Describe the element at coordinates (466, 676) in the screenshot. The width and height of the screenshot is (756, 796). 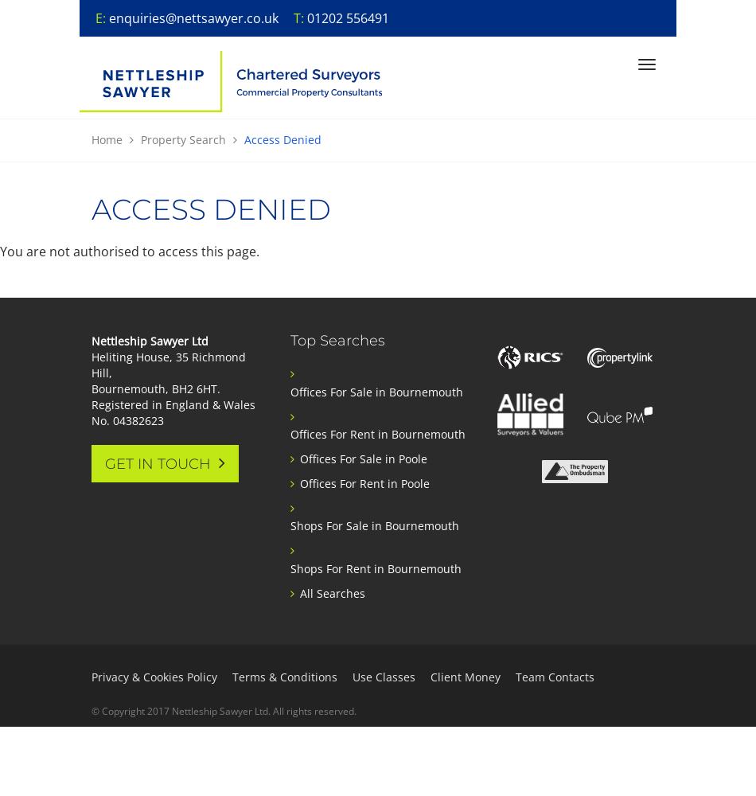
I see `'Client Money'` at that location.